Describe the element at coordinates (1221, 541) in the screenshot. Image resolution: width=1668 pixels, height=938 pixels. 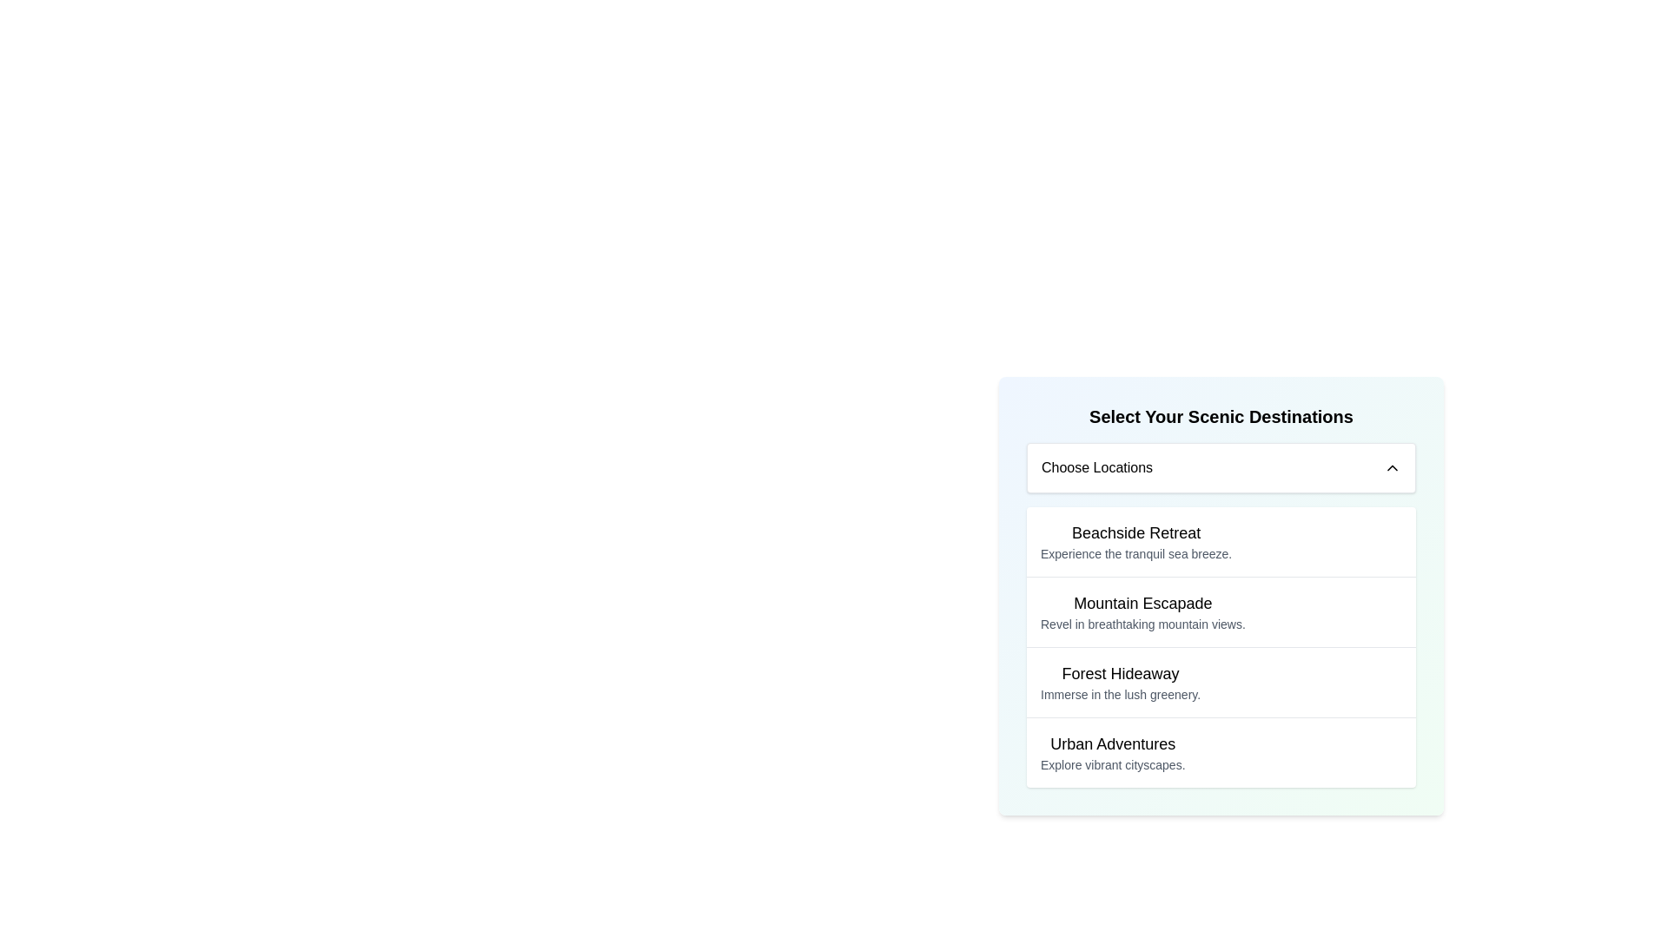
I see `the first selectable list item labeled 'Beachside Retreat'` at that location.